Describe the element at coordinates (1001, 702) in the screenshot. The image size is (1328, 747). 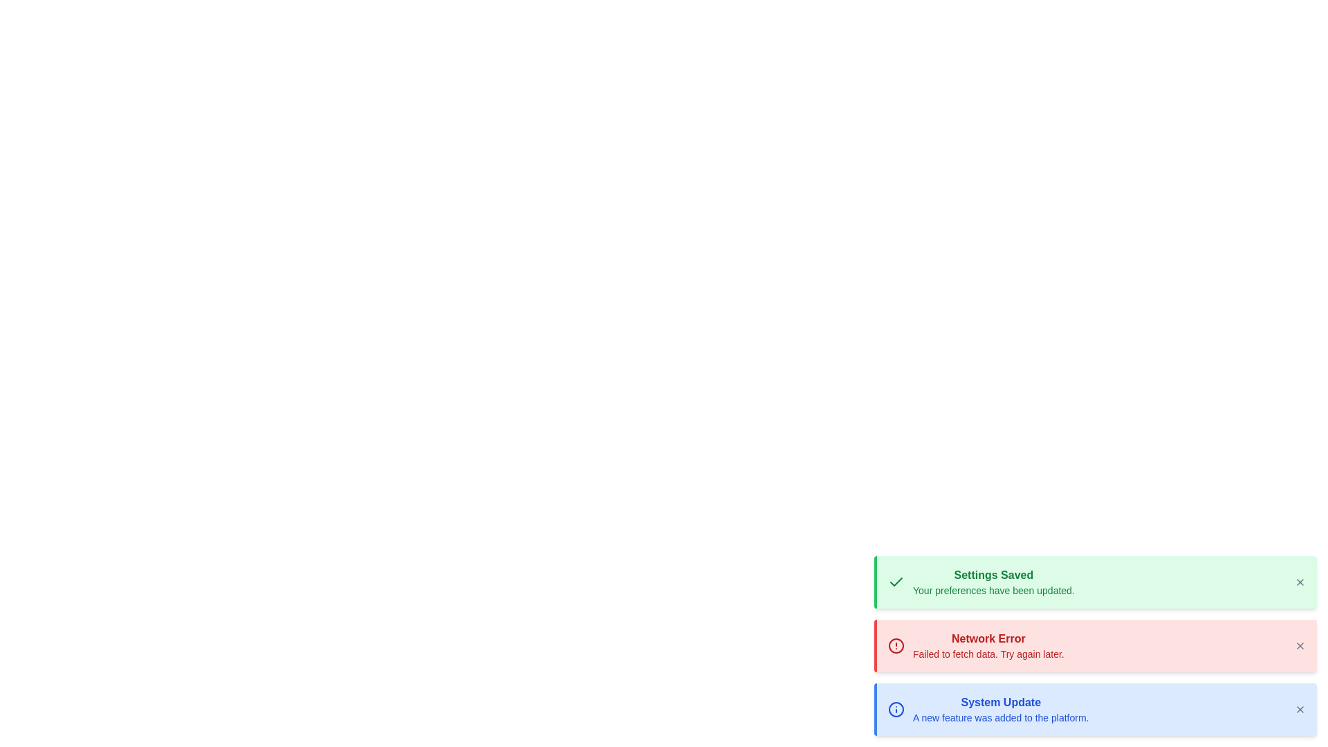
I see `notification title text label, which is horizontally centered at the bottom of the interface above the message 'A new feature was added to the platform.'` at that location.